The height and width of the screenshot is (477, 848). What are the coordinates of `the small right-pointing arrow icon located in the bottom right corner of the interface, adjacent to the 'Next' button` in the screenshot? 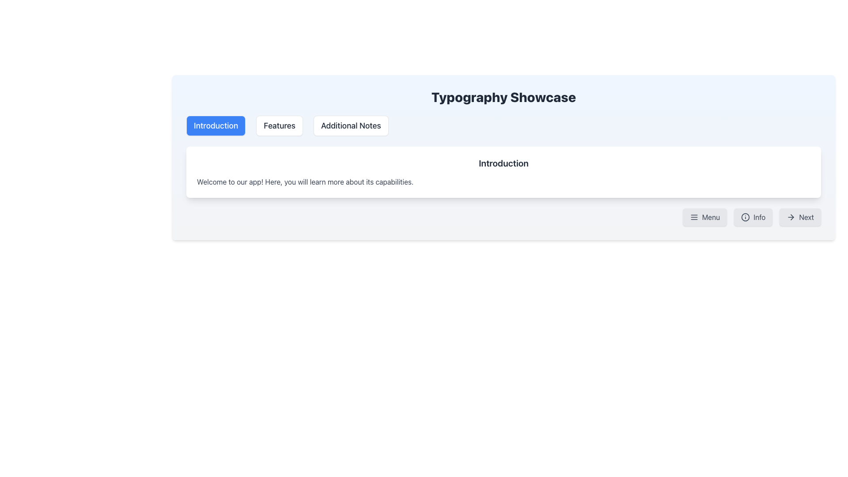 It's located at (792, 217).